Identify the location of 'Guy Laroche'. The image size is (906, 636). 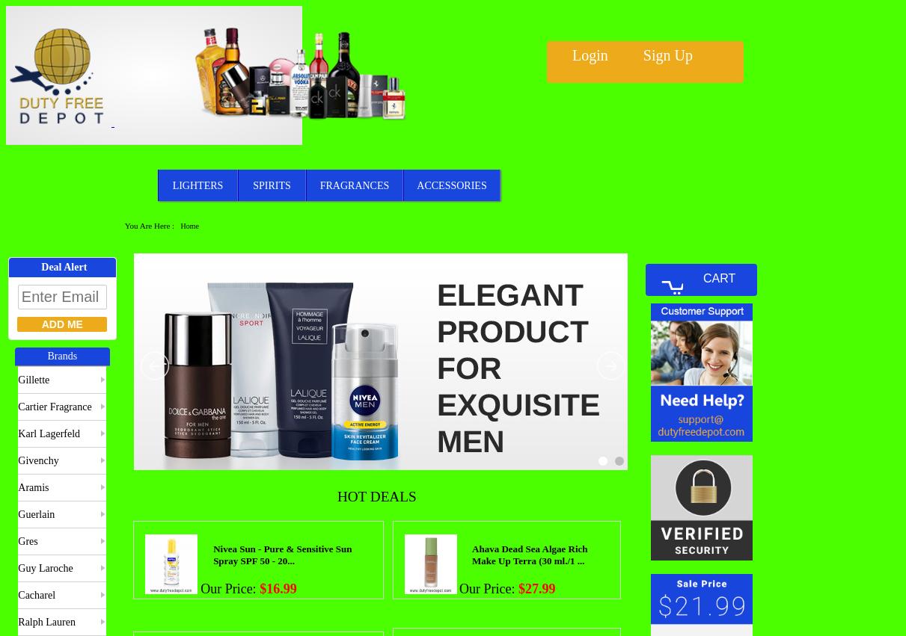
(16, 567).